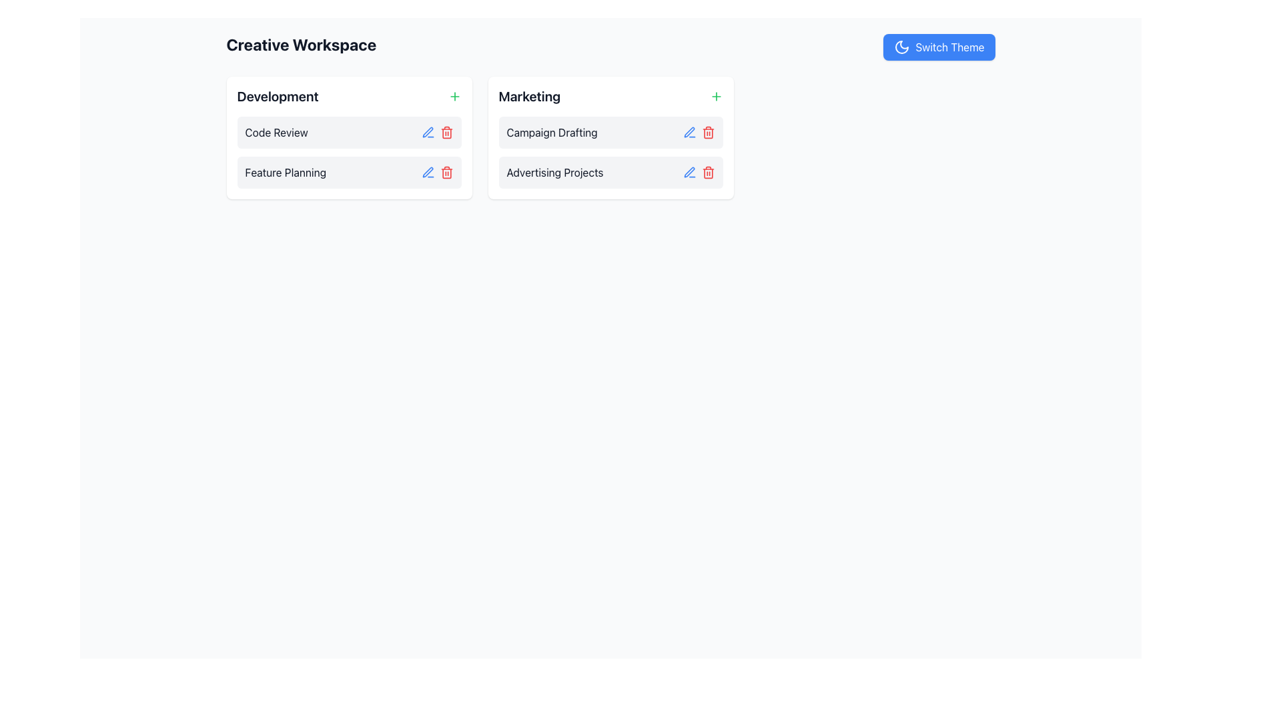  Describe the element at coordinates (689, 132) in the screenshot. I see `the pen icon located in the second card labeled 'Marketing', next to the text 'Campaign Drafting', to invoke the editing function` at that location.